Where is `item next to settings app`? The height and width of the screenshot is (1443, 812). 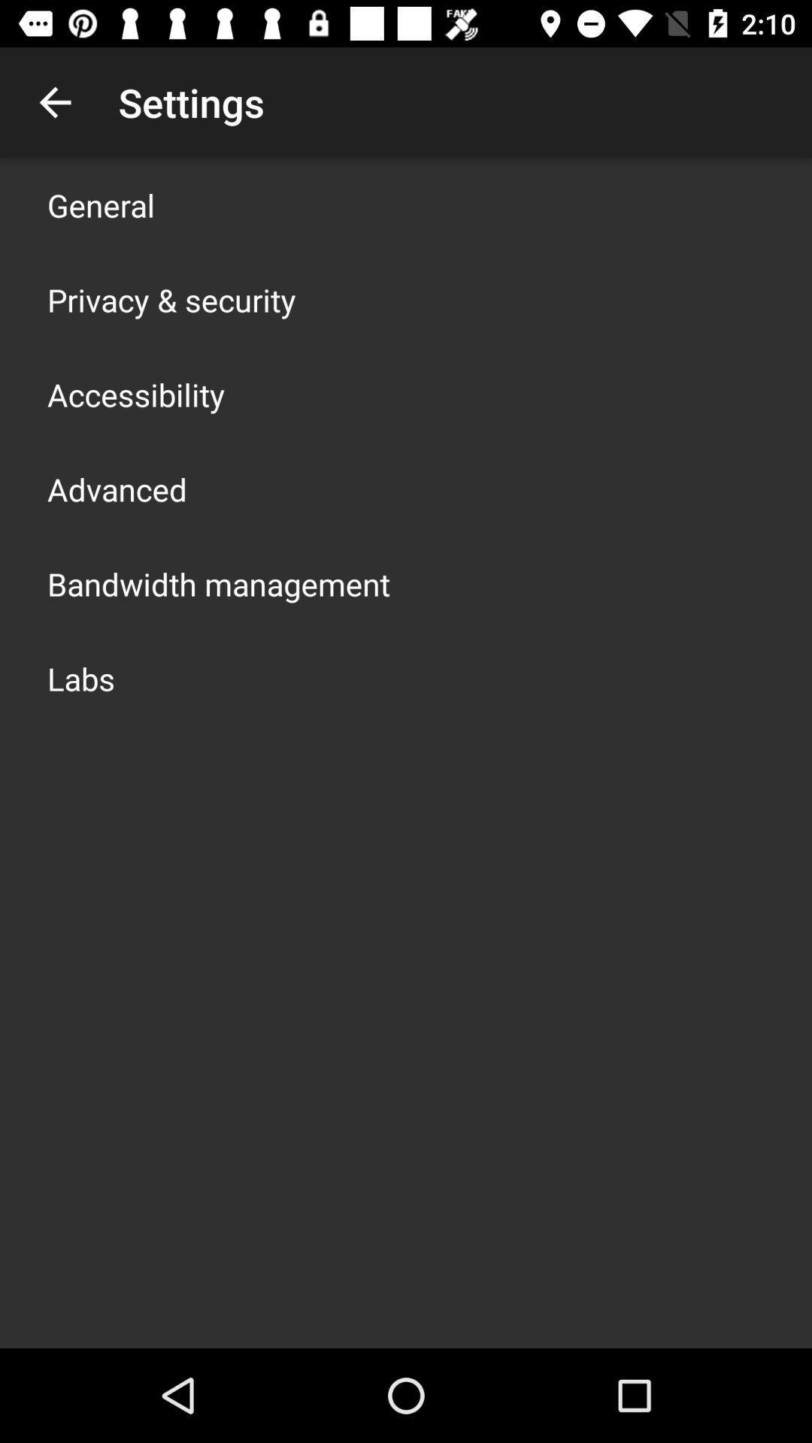
item next to settings app is located at coordinates (54, 101).